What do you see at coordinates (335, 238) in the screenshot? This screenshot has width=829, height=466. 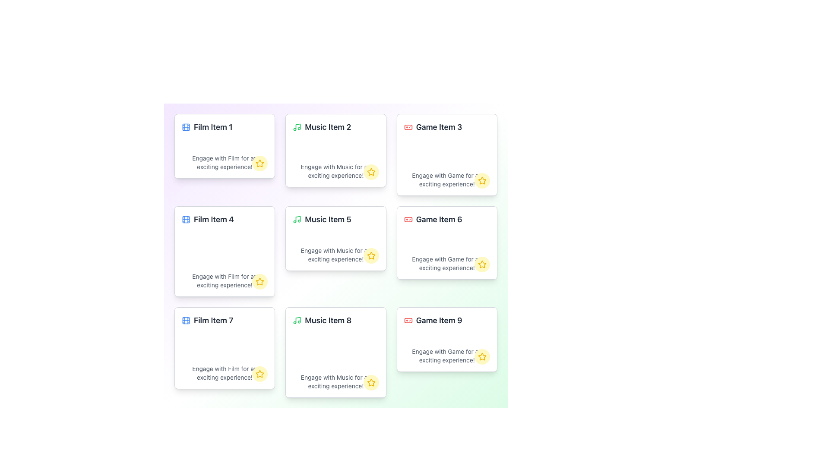 I see `on the card labeled 'Music Item 5'` at bounding box center [335, 238].